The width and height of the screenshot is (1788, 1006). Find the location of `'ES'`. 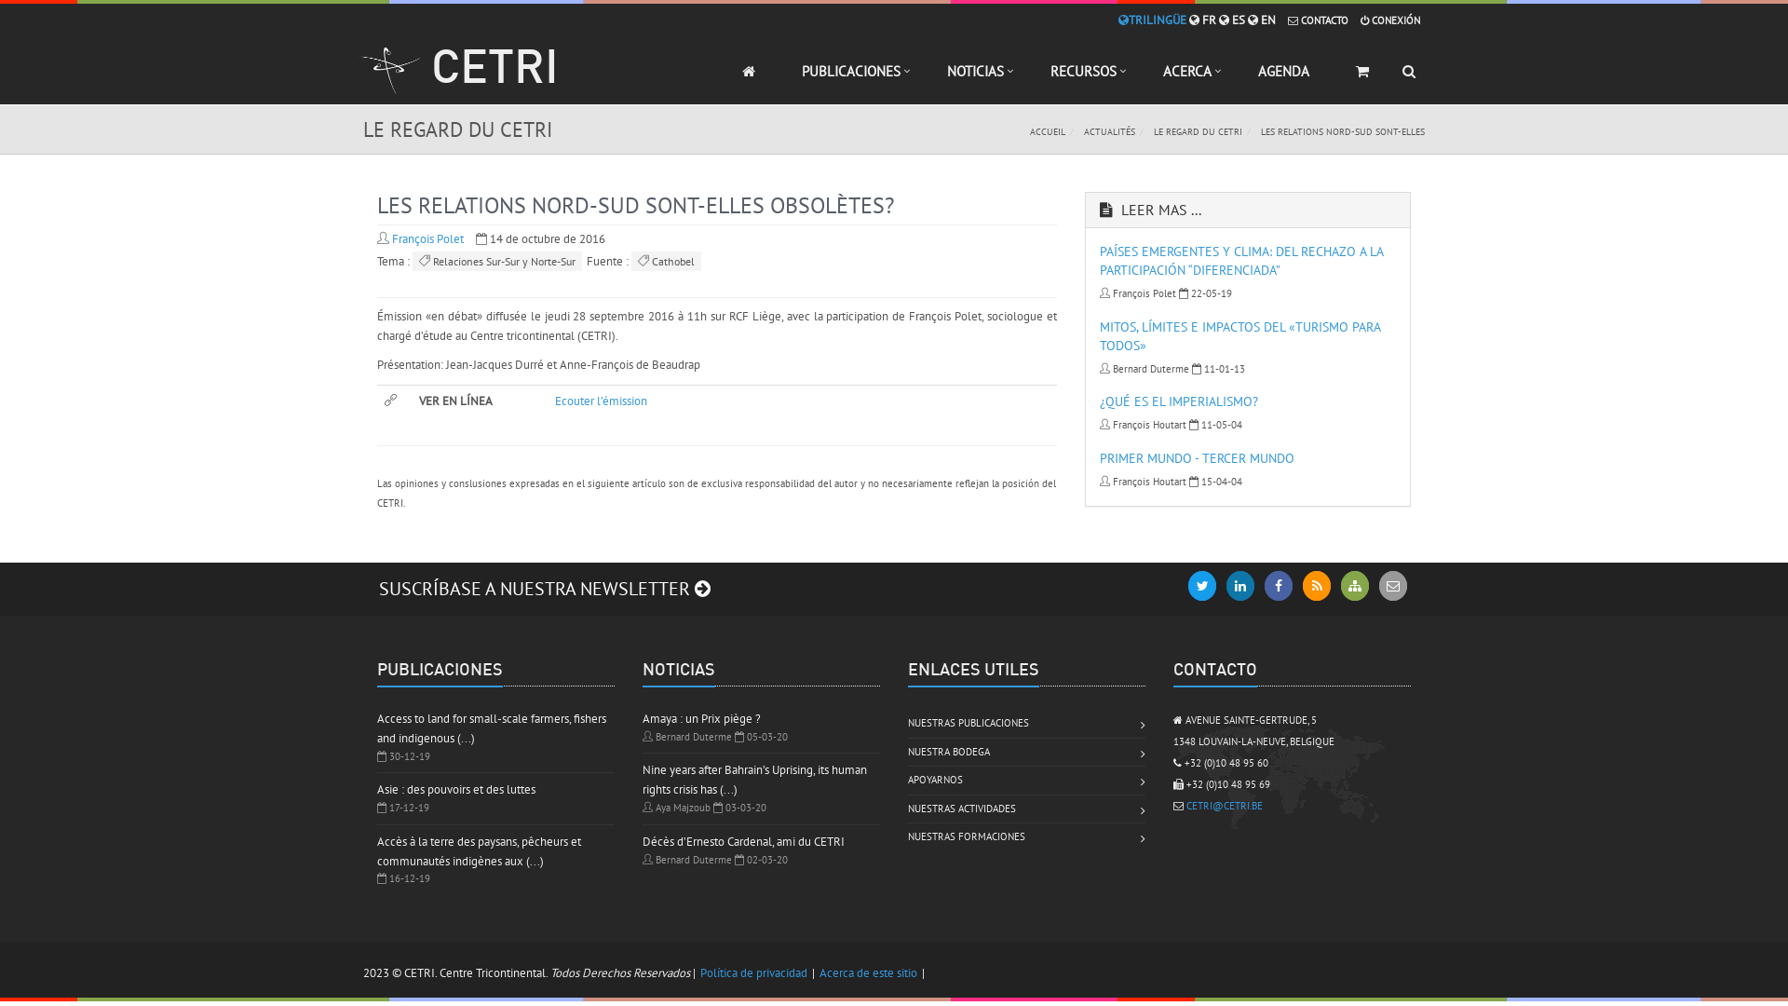

'ES' is located at coordinates (1219, 20).